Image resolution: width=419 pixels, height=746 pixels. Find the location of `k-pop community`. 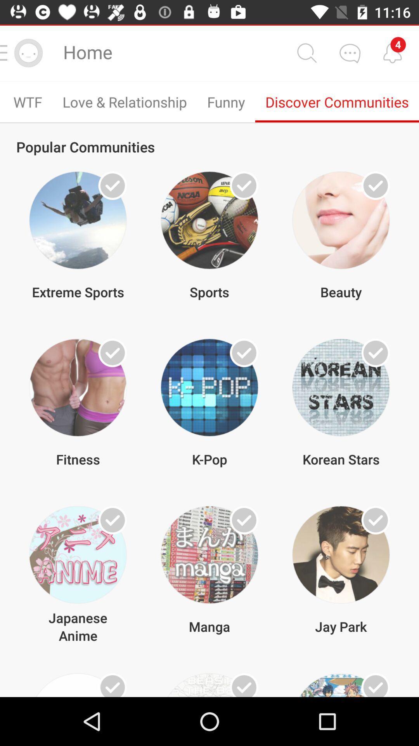

k-pop community is located at coordinates (244, 352).